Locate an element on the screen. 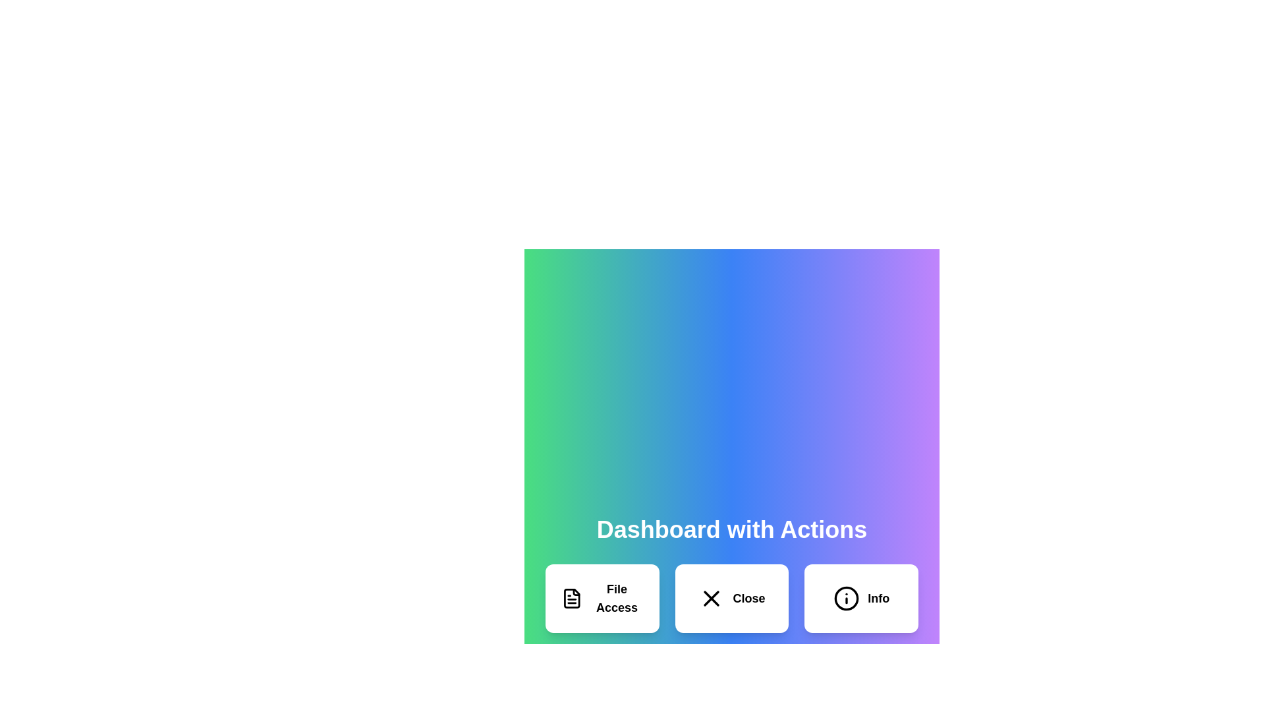 This screenshot has height=712, width=1265. the information icon, which is an encircled 'i' with a black outline, located within the 'Info' button on the right side of three action buttons below the 'Dashboard with Actions' title is located at coordinates (847, 598).